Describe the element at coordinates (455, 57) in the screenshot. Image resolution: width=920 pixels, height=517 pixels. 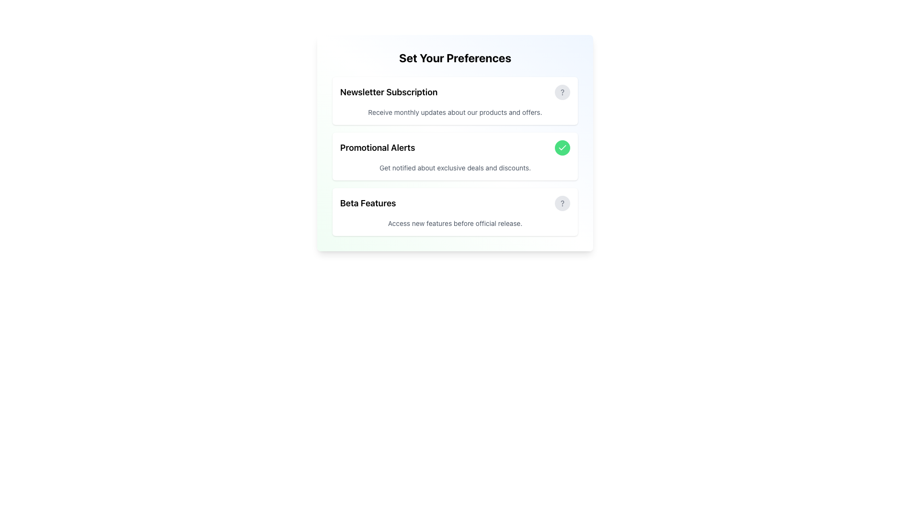
I see `the Heading Text that serves as the title for the panel containing user preference options like Newsletter Subscription, Promotional Alerts, and Beta Features` at that location.